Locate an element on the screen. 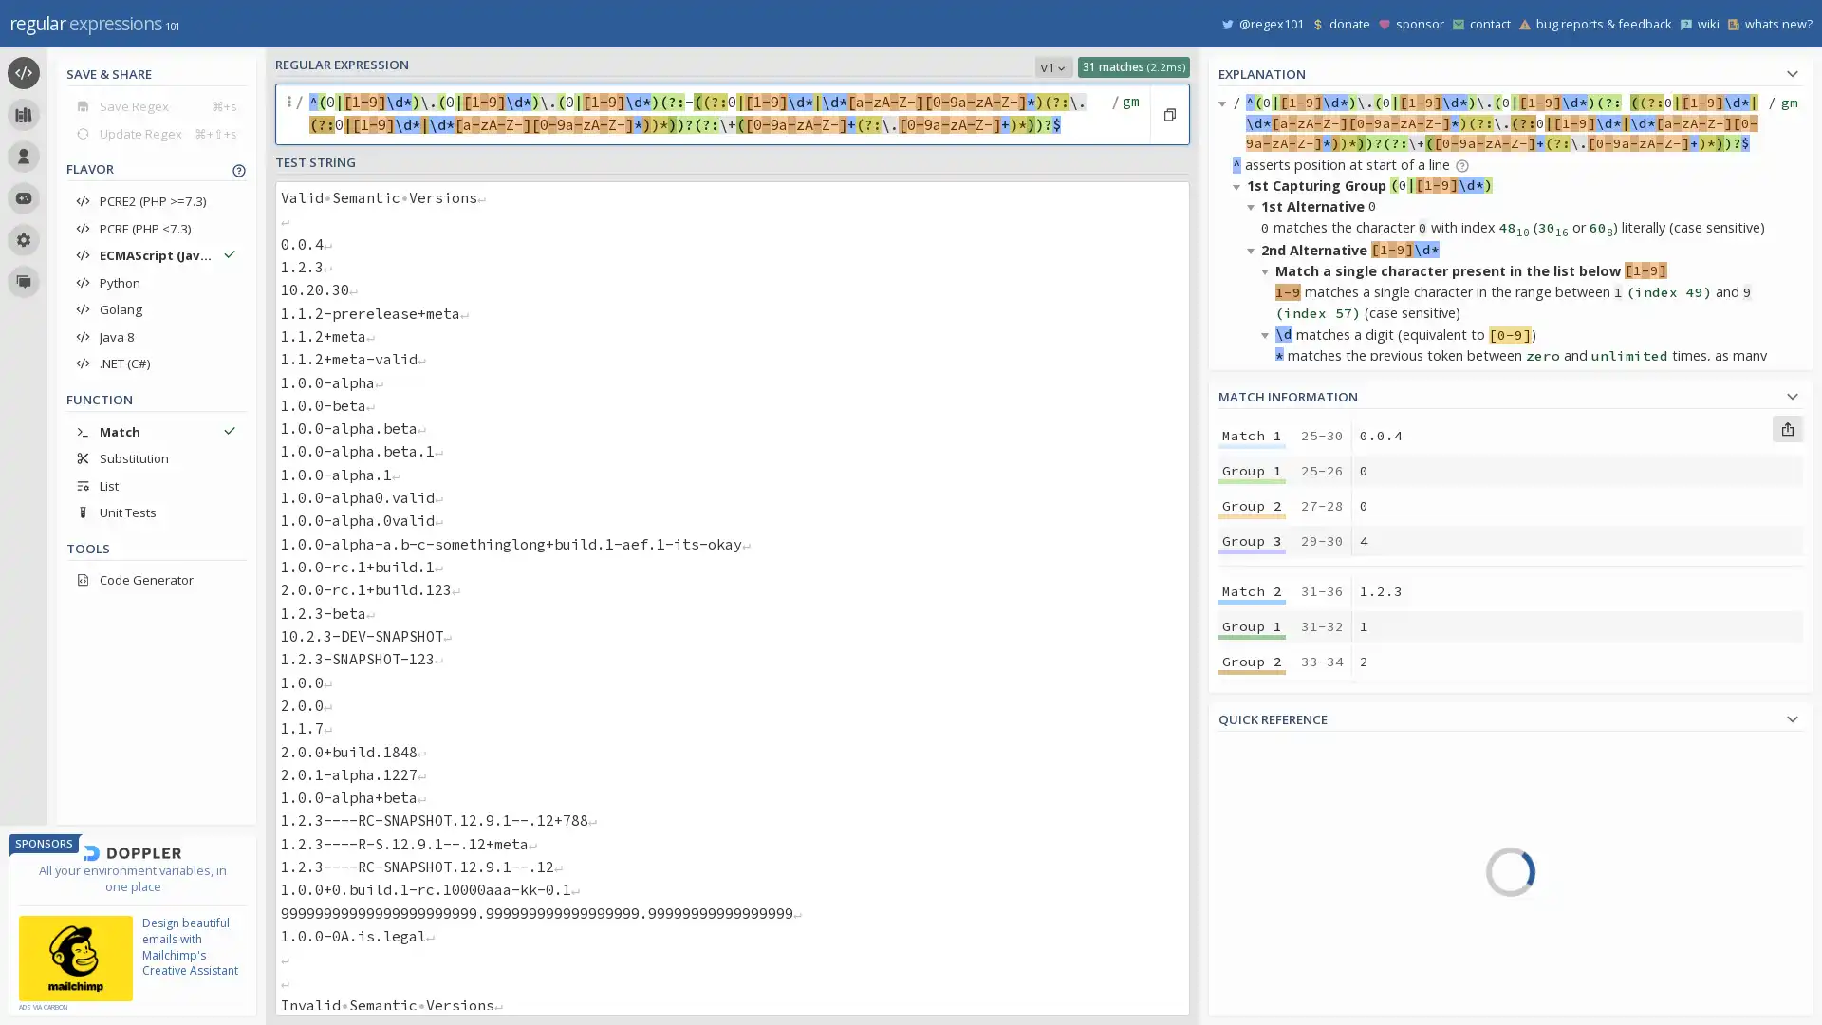  Any non-whitespace character \S is located at coordinates (1605, 967).